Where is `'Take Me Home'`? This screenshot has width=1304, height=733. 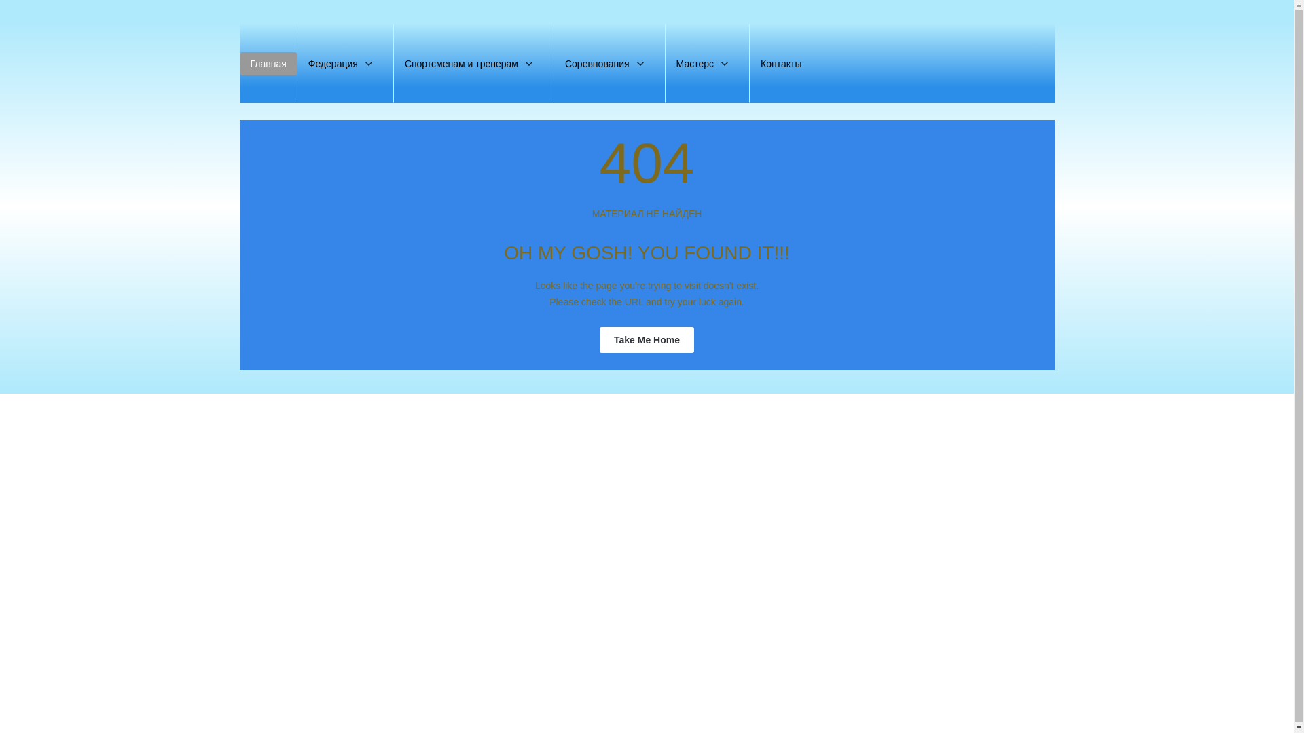 'Take Me Home' is located at coordinates (646, 339).